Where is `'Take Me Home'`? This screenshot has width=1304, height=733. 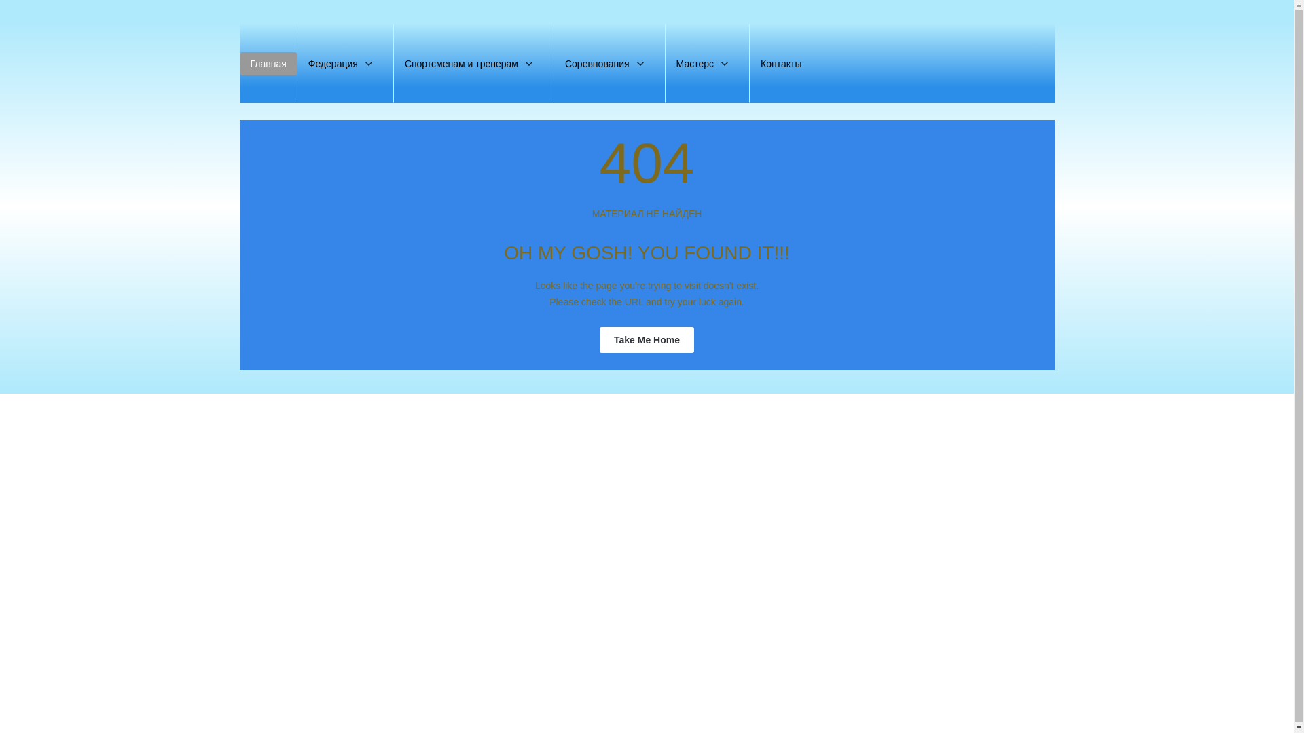 'Take Me Home' is located at coordinates (646, 339).